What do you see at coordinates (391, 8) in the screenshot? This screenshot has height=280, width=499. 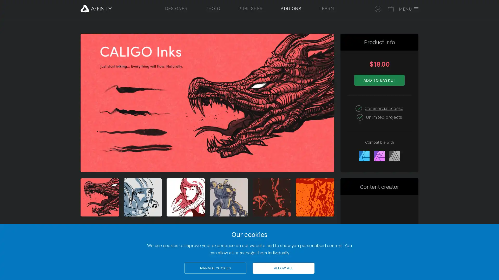 I see `Your basket is empty. Select to toggle basket.` at bounding box center [391, 8].